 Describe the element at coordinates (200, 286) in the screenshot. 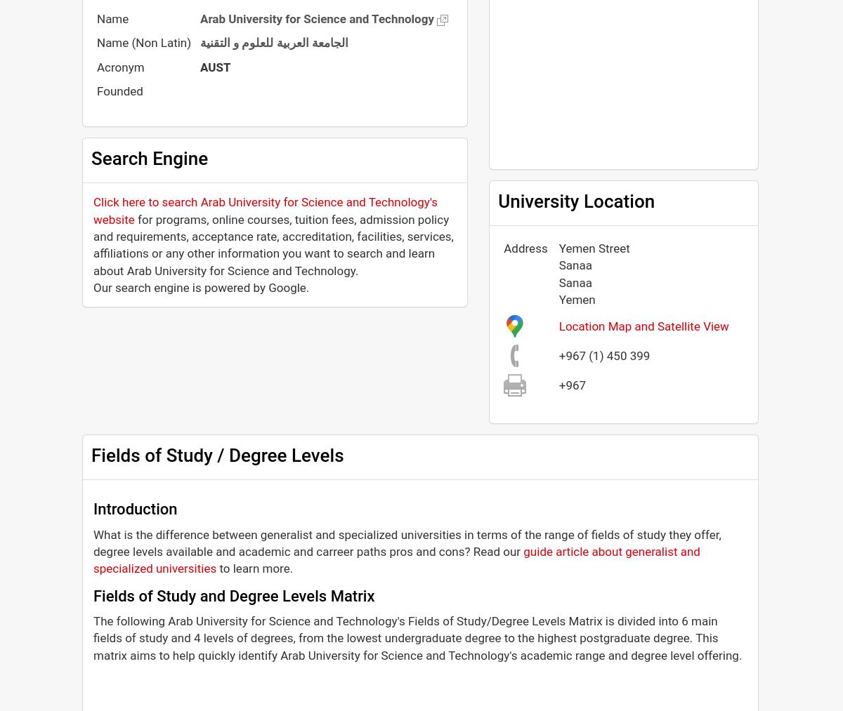

I see `'Our search engine is powered by Google.'` at that location.